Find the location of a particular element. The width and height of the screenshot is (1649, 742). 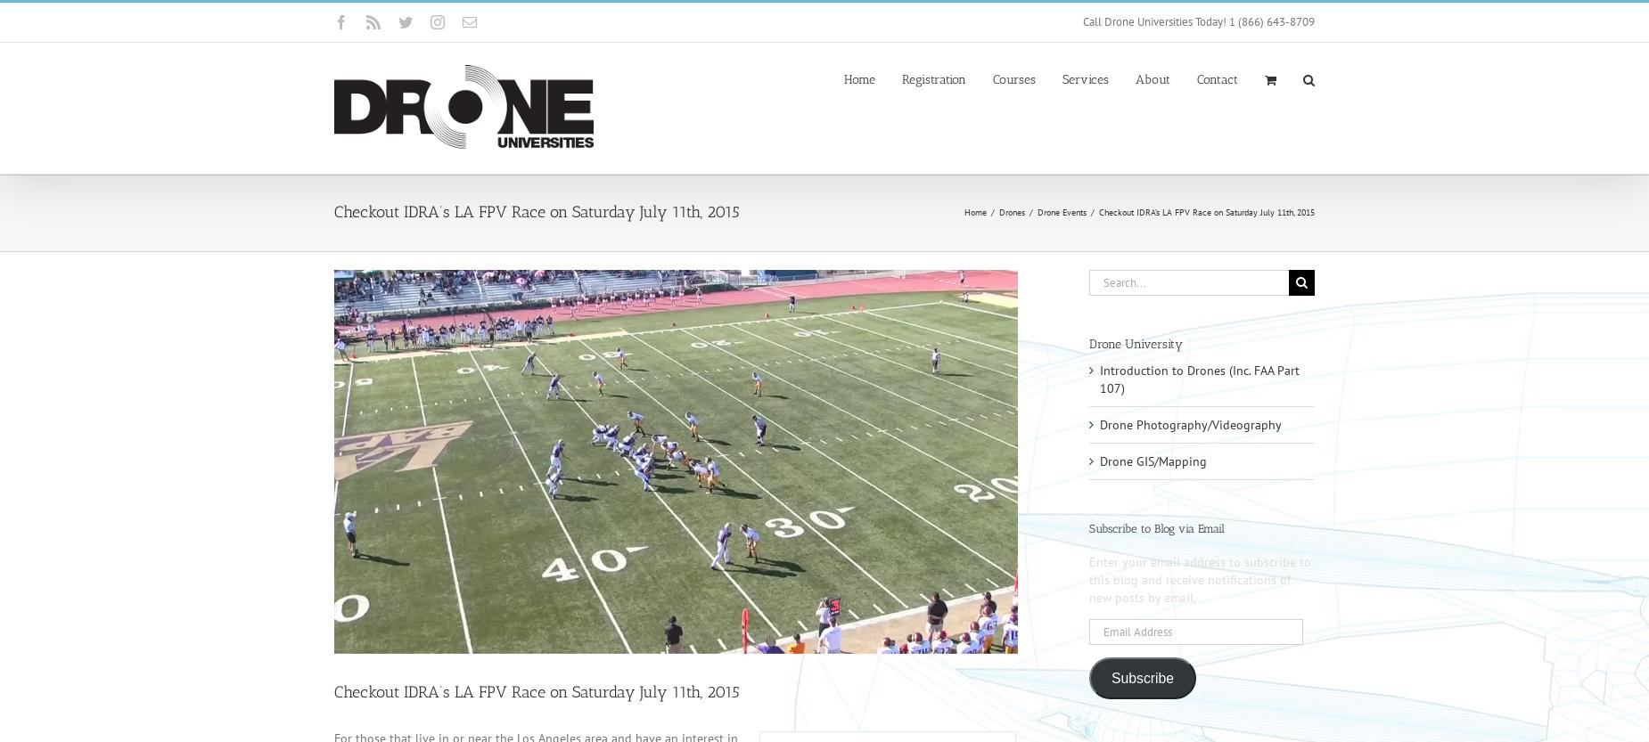

'Financial Aid' is located at coordinates (1276, 184).